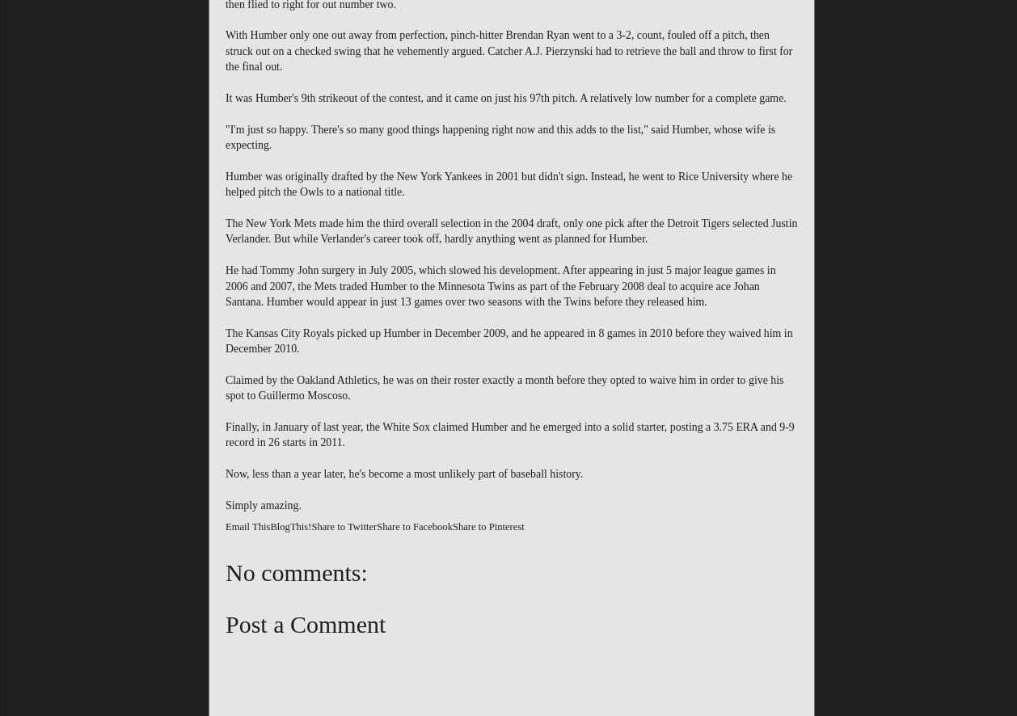 The height and width of the screenshot is (716, 1017). Describe the element at coordinates (500, 136) in the screenshot. I see `'"I'm just so happy. There's so many good things happening right now and this  adds to the list," said Humber, whose wife is expecting.'` at that location.